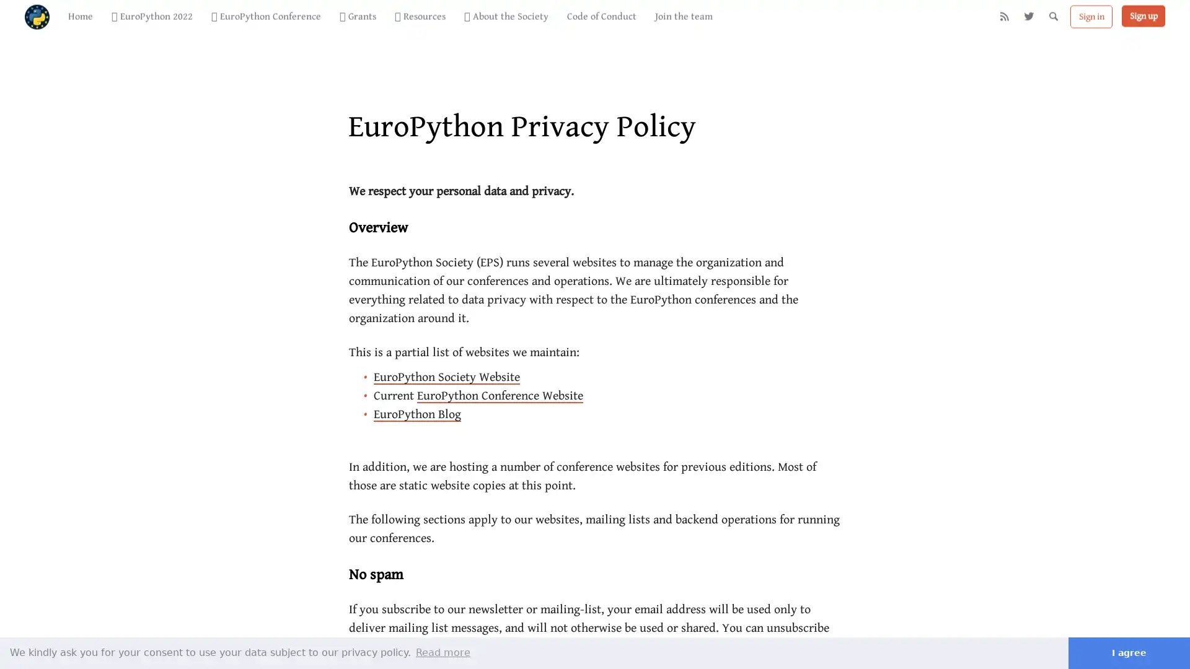 The height and width of the screenshot is (669, 1190). What do you see at coordinates (1142, 24) in the screenshot?
I see `Sign up` at bounding box center [1142, 24].